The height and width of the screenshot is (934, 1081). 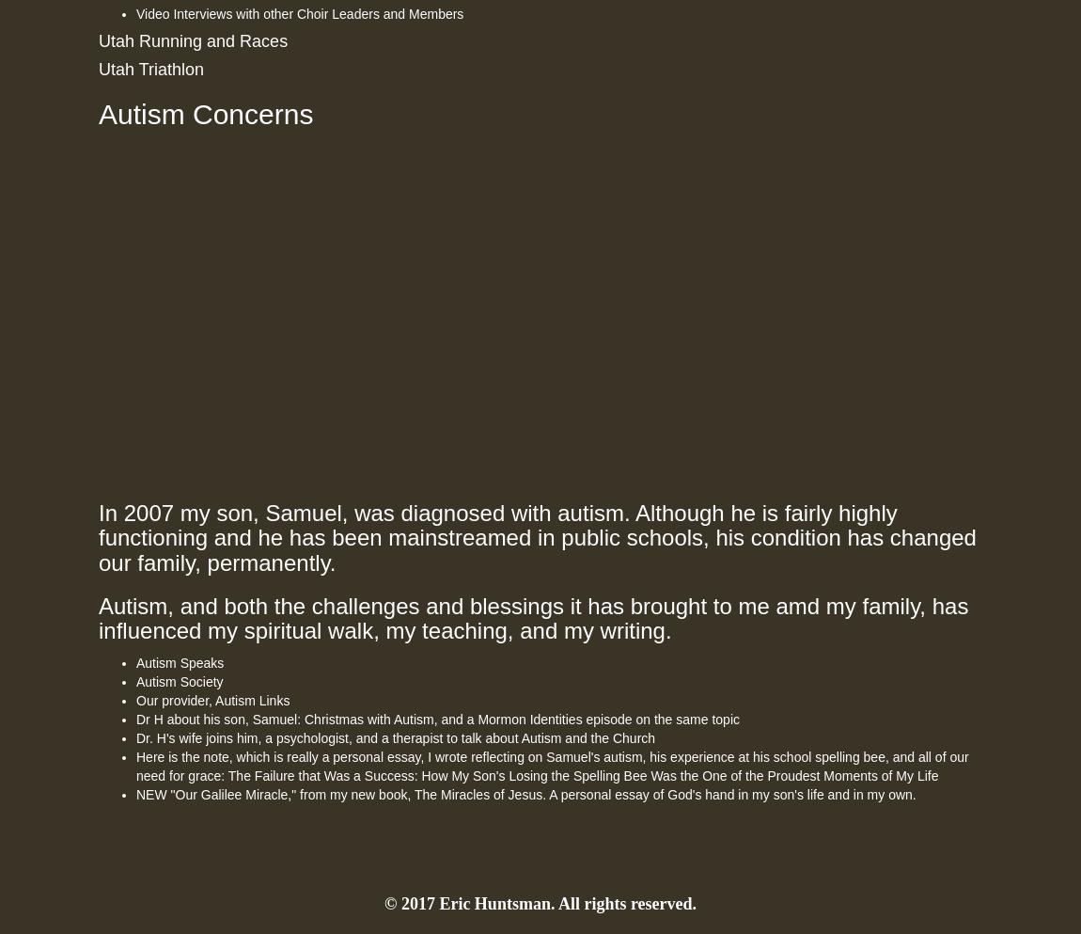 I want to click on 'Mormon Identities episode on the same topic', so click(x=477, y=718).